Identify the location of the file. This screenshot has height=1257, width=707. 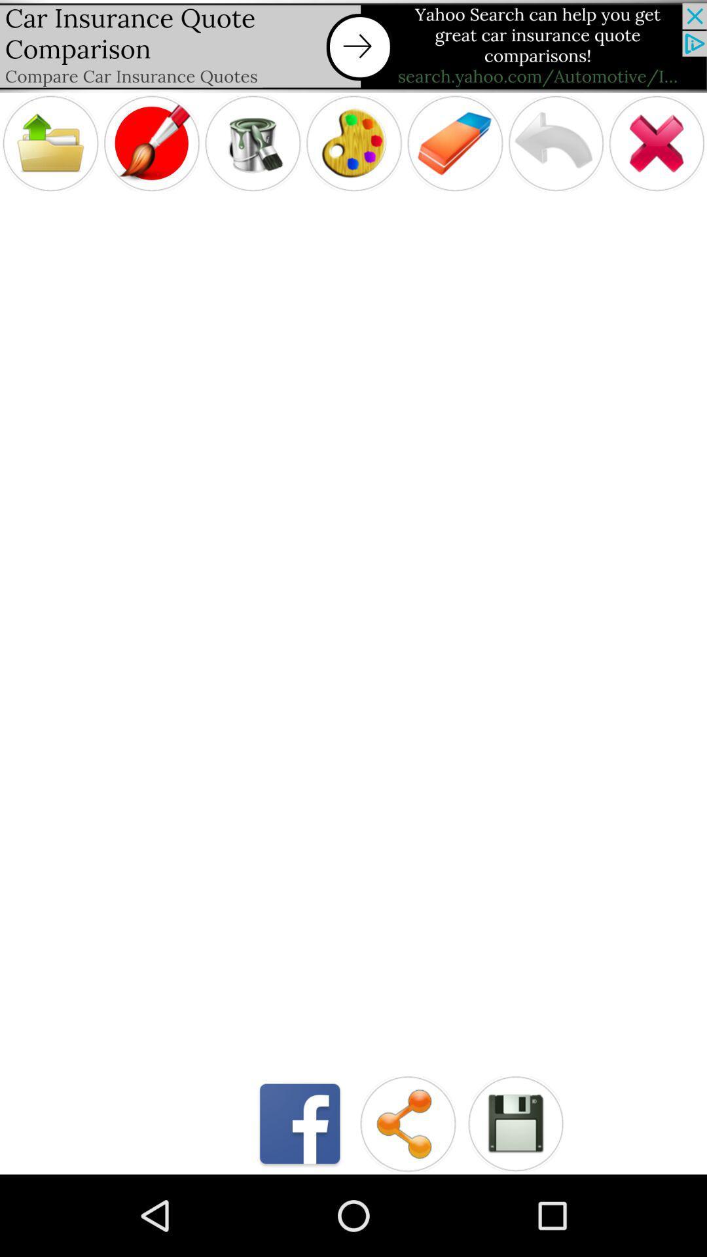
(515, 1123).